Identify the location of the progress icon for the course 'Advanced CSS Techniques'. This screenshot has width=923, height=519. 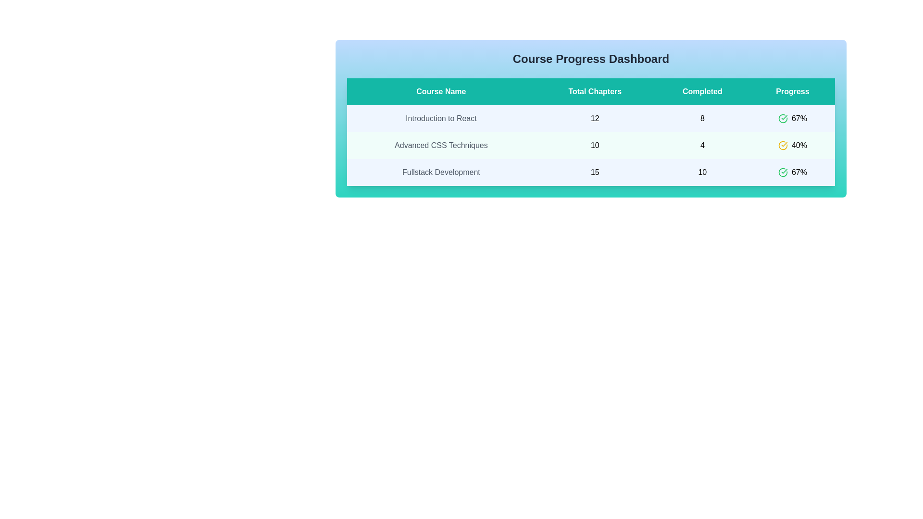
(783, 146).